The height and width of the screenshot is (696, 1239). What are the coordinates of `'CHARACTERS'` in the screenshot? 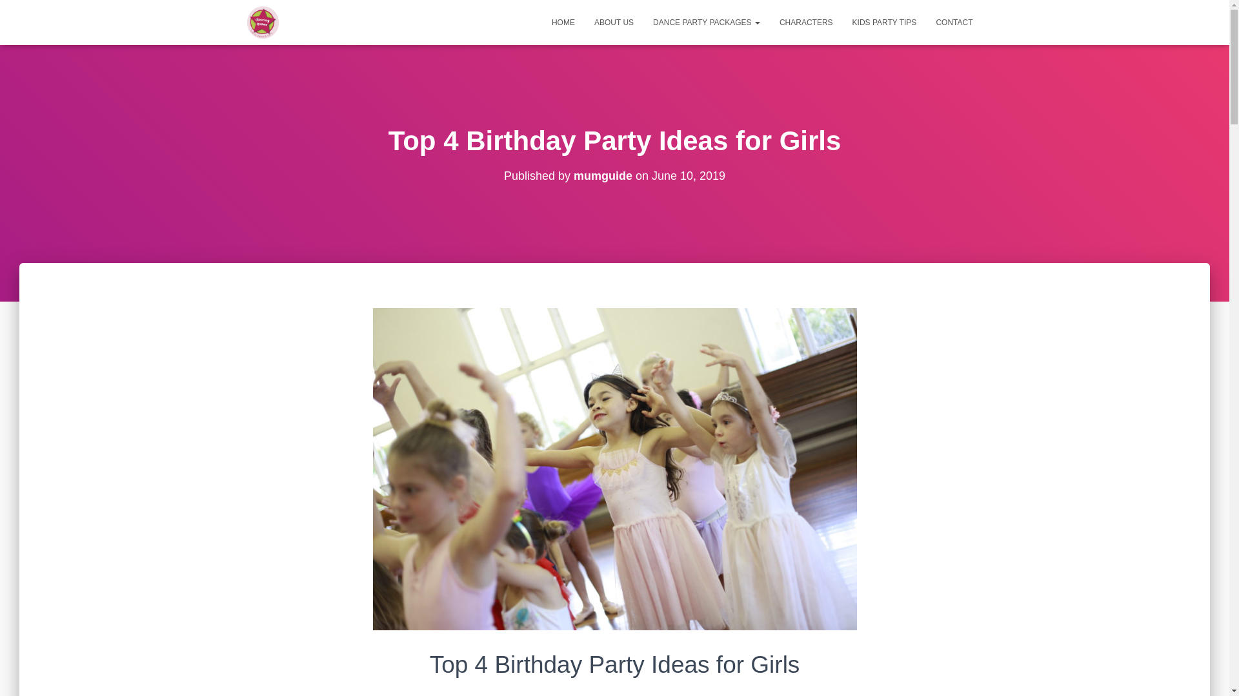 It's located at (805, 22).